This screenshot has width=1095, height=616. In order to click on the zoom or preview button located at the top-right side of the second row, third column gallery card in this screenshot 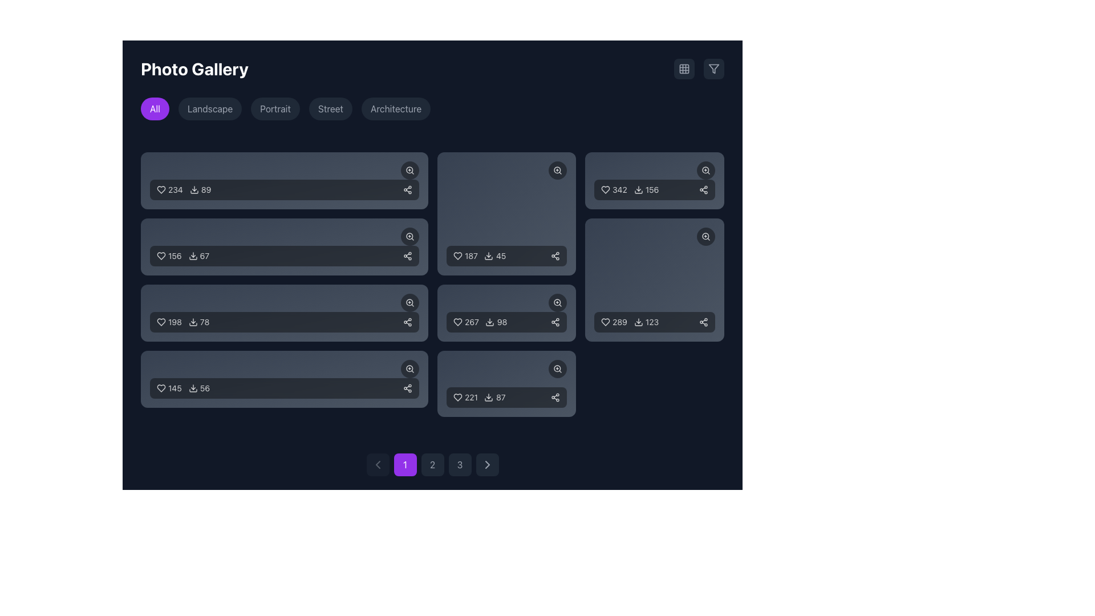, I will do `click(655, 236)`.